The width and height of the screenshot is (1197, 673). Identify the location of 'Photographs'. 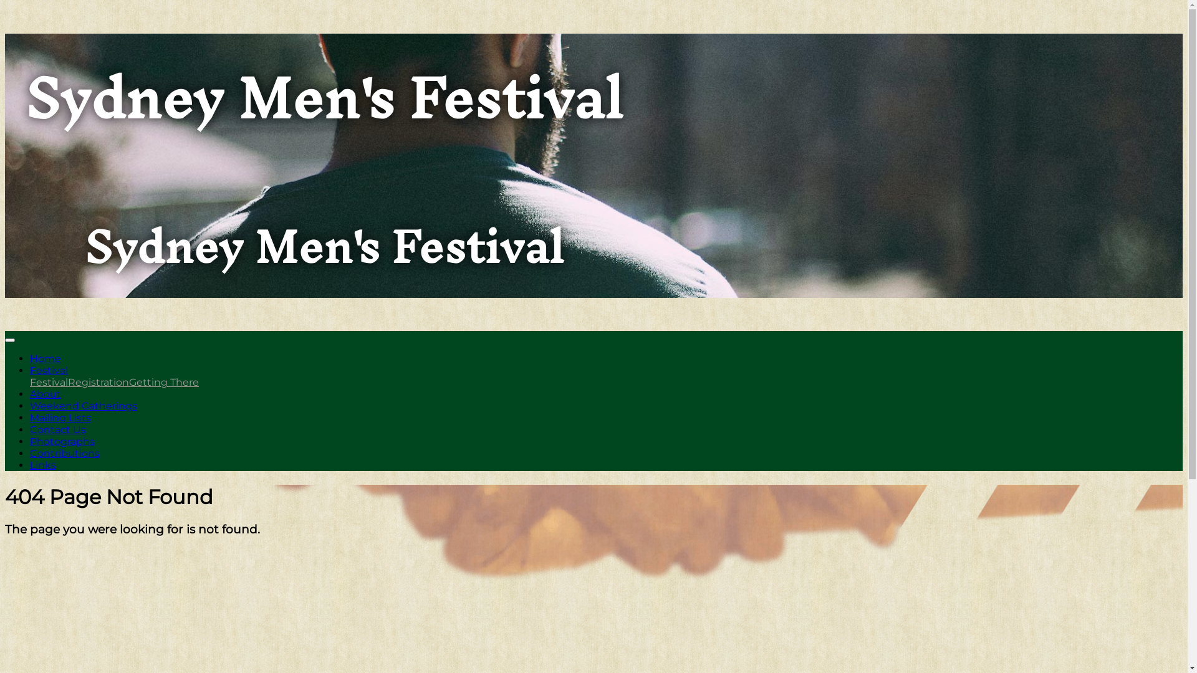
(62, 441).